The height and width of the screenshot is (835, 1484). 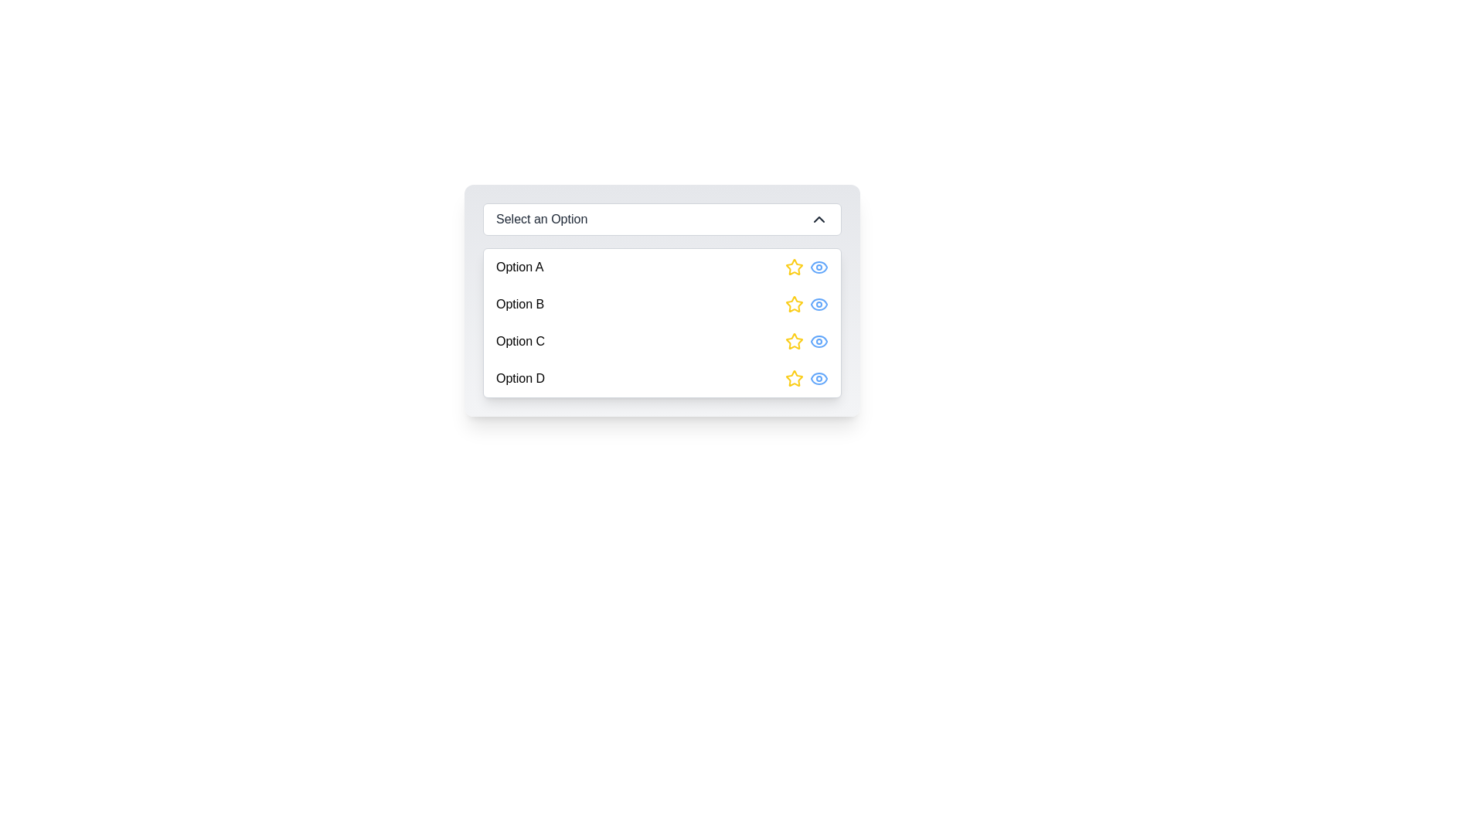 What do you see at coordinates (662, 378) in the screenshot?
I see `the fourth entry in the dropdown list labeled 'Option D'` at bounding box center [662, 378].